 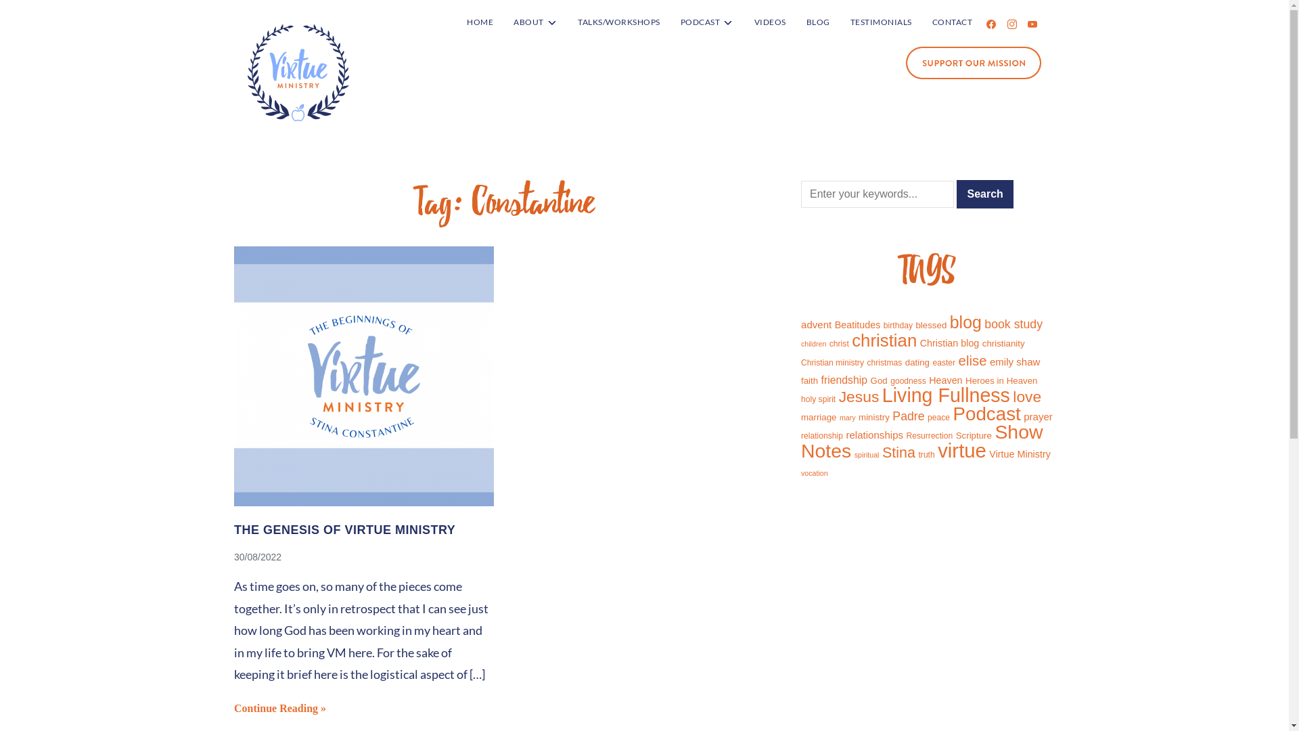 I want to click on 'holy spirit', so click(x=817, y=399).